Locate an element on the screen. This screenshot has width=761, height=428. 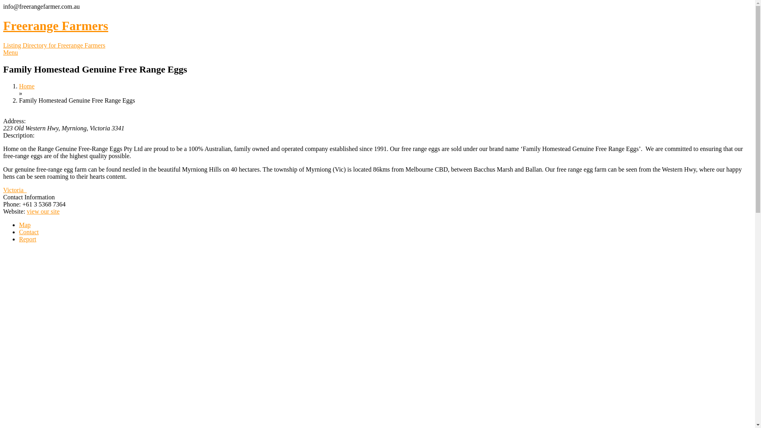
'Victoria  ' is located at coordinates (15, 190).